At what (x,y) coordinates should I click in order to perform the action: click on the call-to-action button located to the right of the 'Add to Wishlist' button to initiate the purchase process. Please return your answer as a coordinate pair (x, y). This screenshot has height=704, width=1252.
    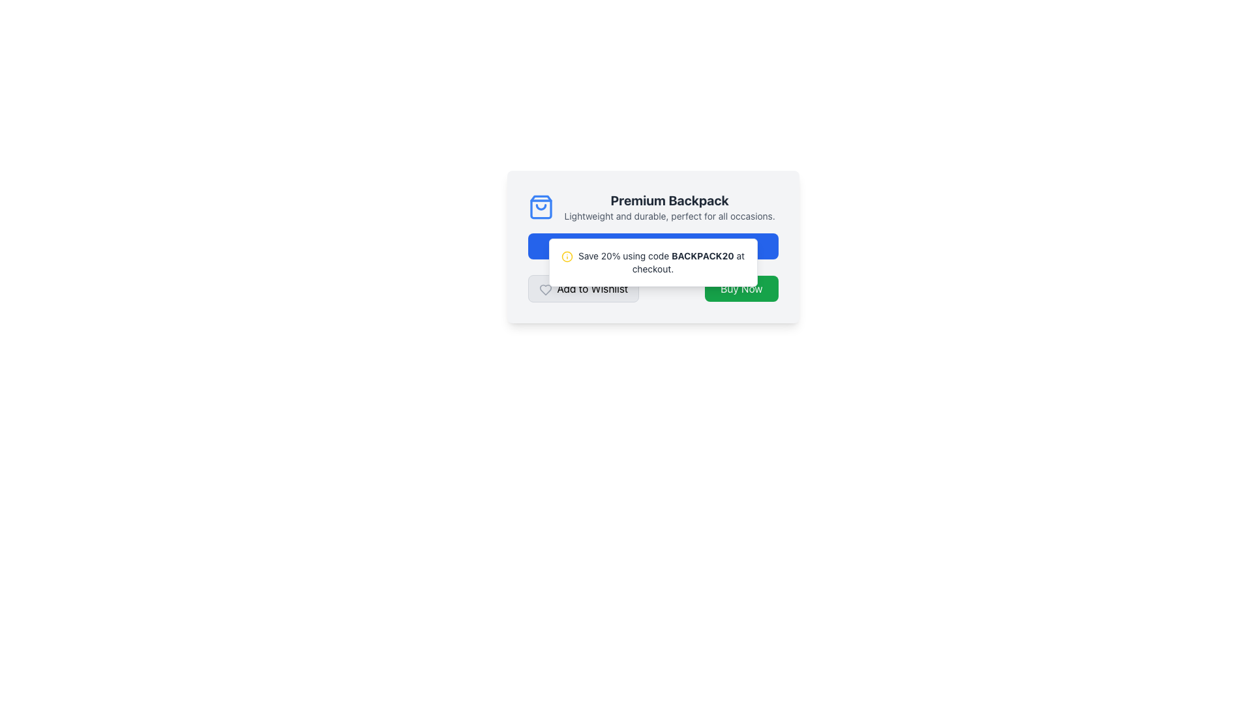
    Looking at the image, I should click on (741, 288).